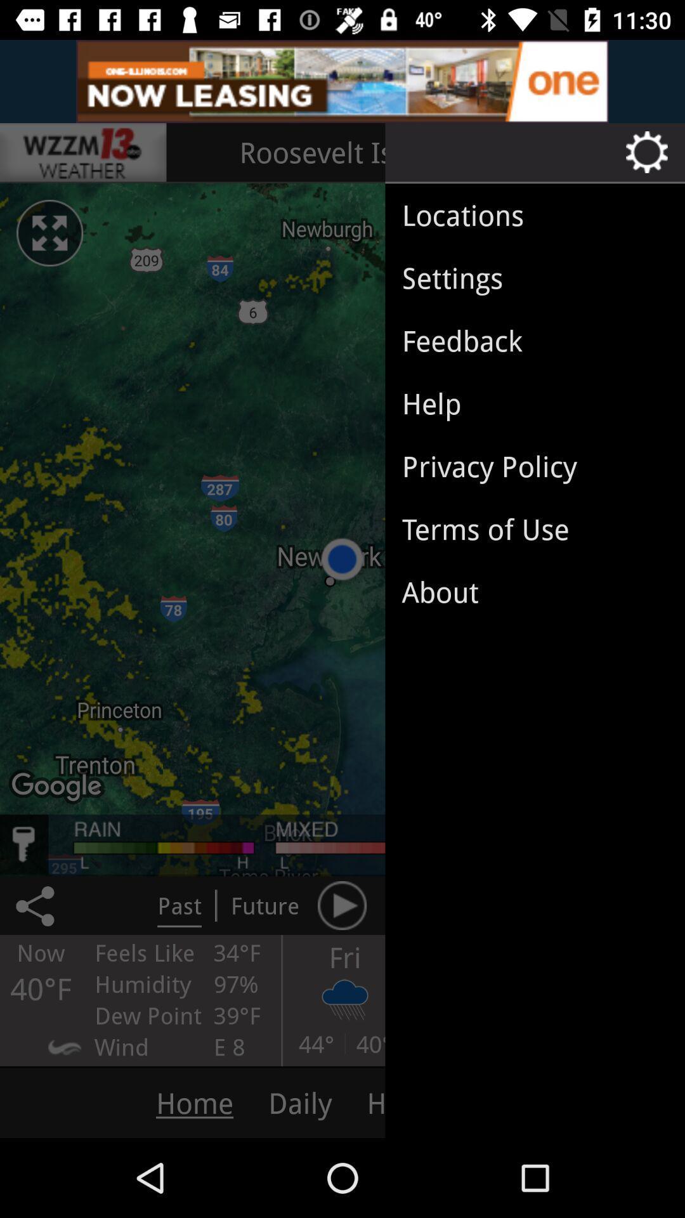  Describe the element at coordinates (37, 905) in the screenshot. I see `the share icon` at that location.